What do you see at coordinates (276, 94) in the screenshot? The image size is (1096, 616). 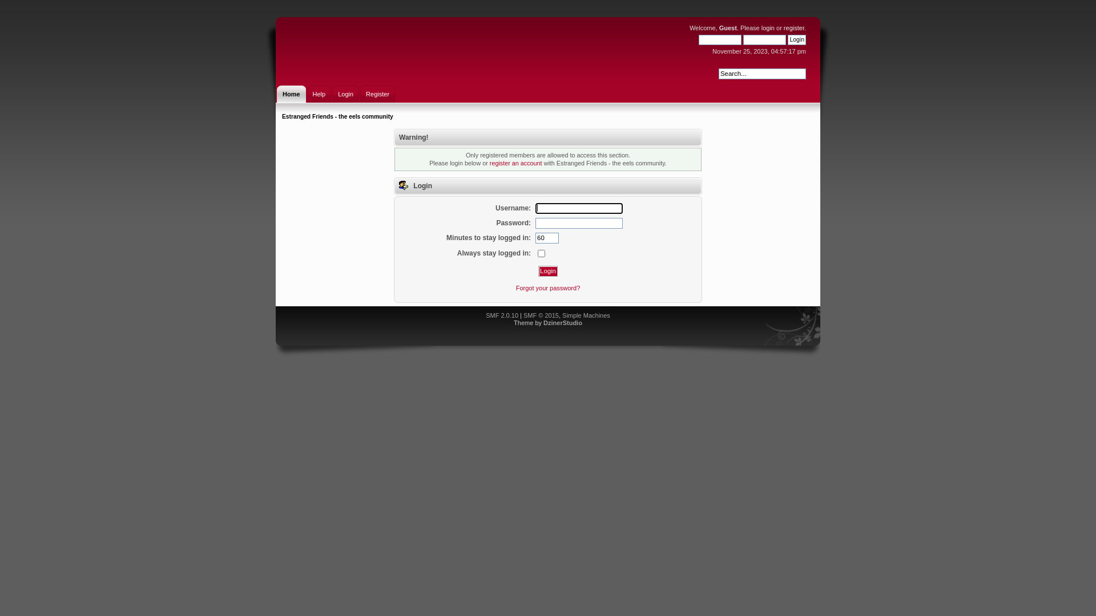 I see `'Home'` at bounding box center [276, 94].